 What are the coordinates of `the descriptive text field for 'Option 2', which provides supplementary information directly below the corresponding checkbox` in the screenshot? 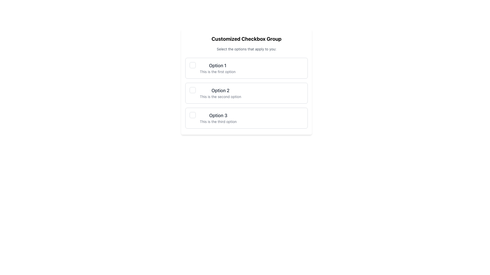 It's located at (220, 97).